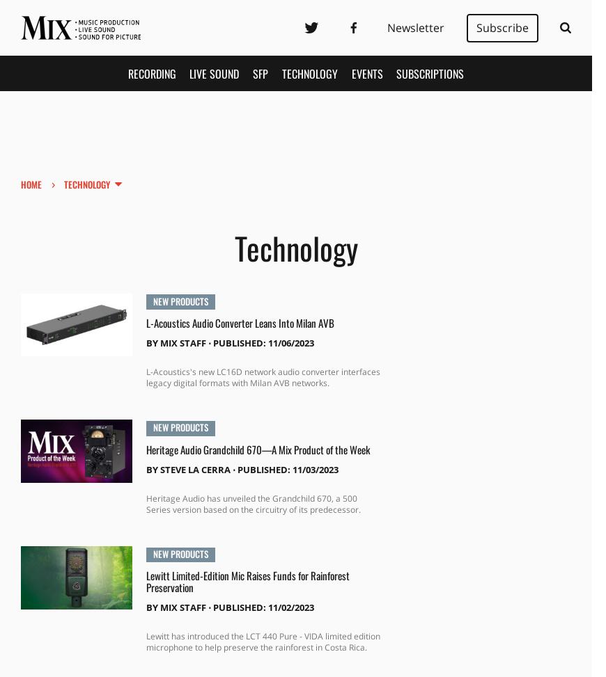  What do you see at coordinates (429, 72) in the screenshot?
I see `'Subscriptions'` at bounding box center [429, 72].